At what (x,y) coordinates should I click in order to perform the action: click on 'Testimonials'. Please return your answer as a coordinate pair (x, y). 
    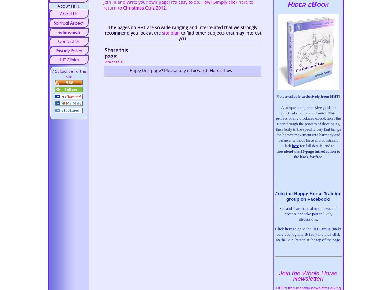
    Looking at the image, I should click on (69, 32).